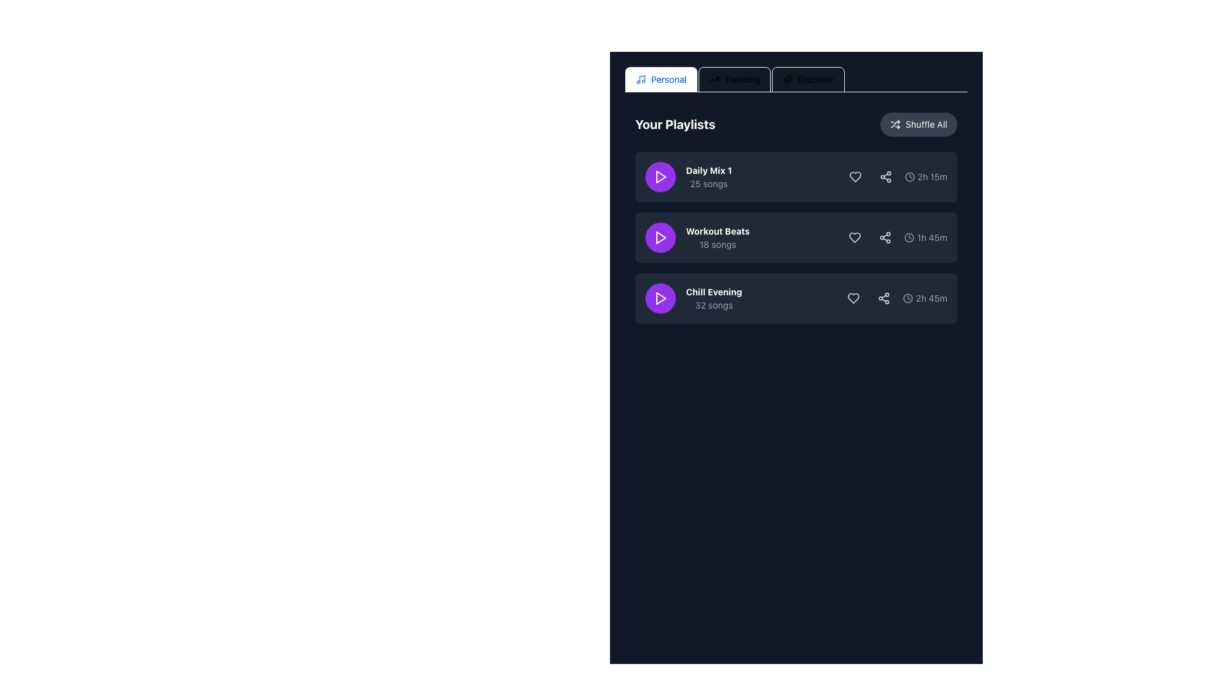  What do you see at coordinates (909, 237) in the screenshot?
I see `the circular element that represents the time icon for the 'Workout Beats' playlist, which is part of a graphical clock icon` at bounding box center [909, 237].